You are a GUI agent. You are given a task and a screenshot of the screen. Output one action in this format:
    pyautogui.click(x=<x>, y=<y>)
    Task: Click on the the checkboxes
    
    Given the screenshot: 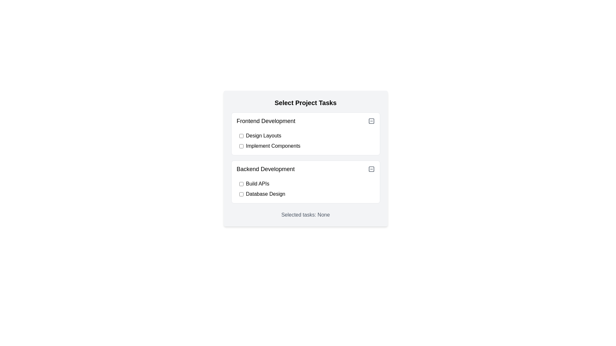 What is the action you would take?
    pyautogui.click(x=305, y=133)
    